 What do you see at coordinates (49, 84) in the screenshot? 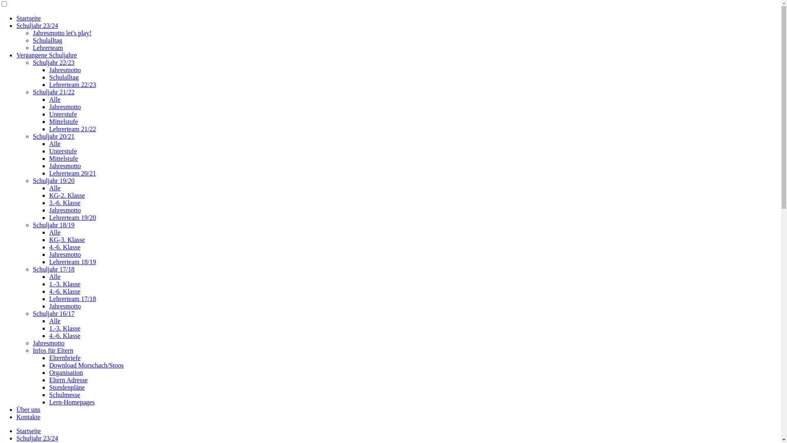
I see `'Lehrerteam 22/23'` at bounding box center [49, 84].